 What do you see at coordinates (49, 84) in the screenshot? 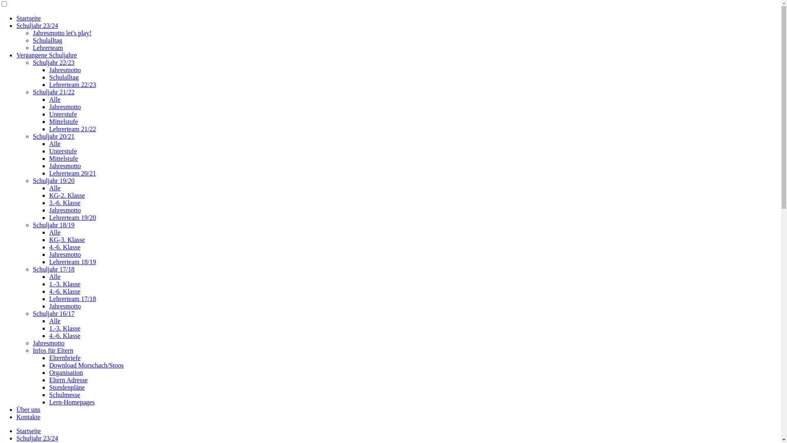
I see `'Lehrerteam 22/23'` at bounding box center [49, 84].